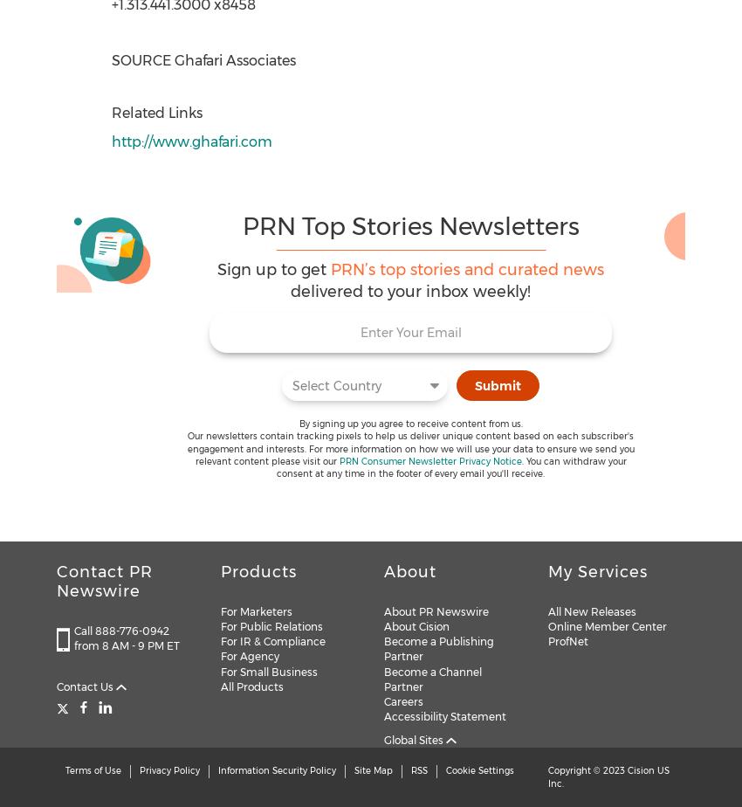  I want to click on 'For Small Business', so click(268, 671).